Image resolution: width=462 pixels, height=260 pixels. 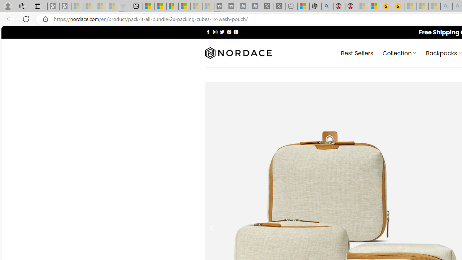 What do you see at coordinates (327, 6) in the screenshot?
I see `'poe - Search'` at bounding box center [327, 6].